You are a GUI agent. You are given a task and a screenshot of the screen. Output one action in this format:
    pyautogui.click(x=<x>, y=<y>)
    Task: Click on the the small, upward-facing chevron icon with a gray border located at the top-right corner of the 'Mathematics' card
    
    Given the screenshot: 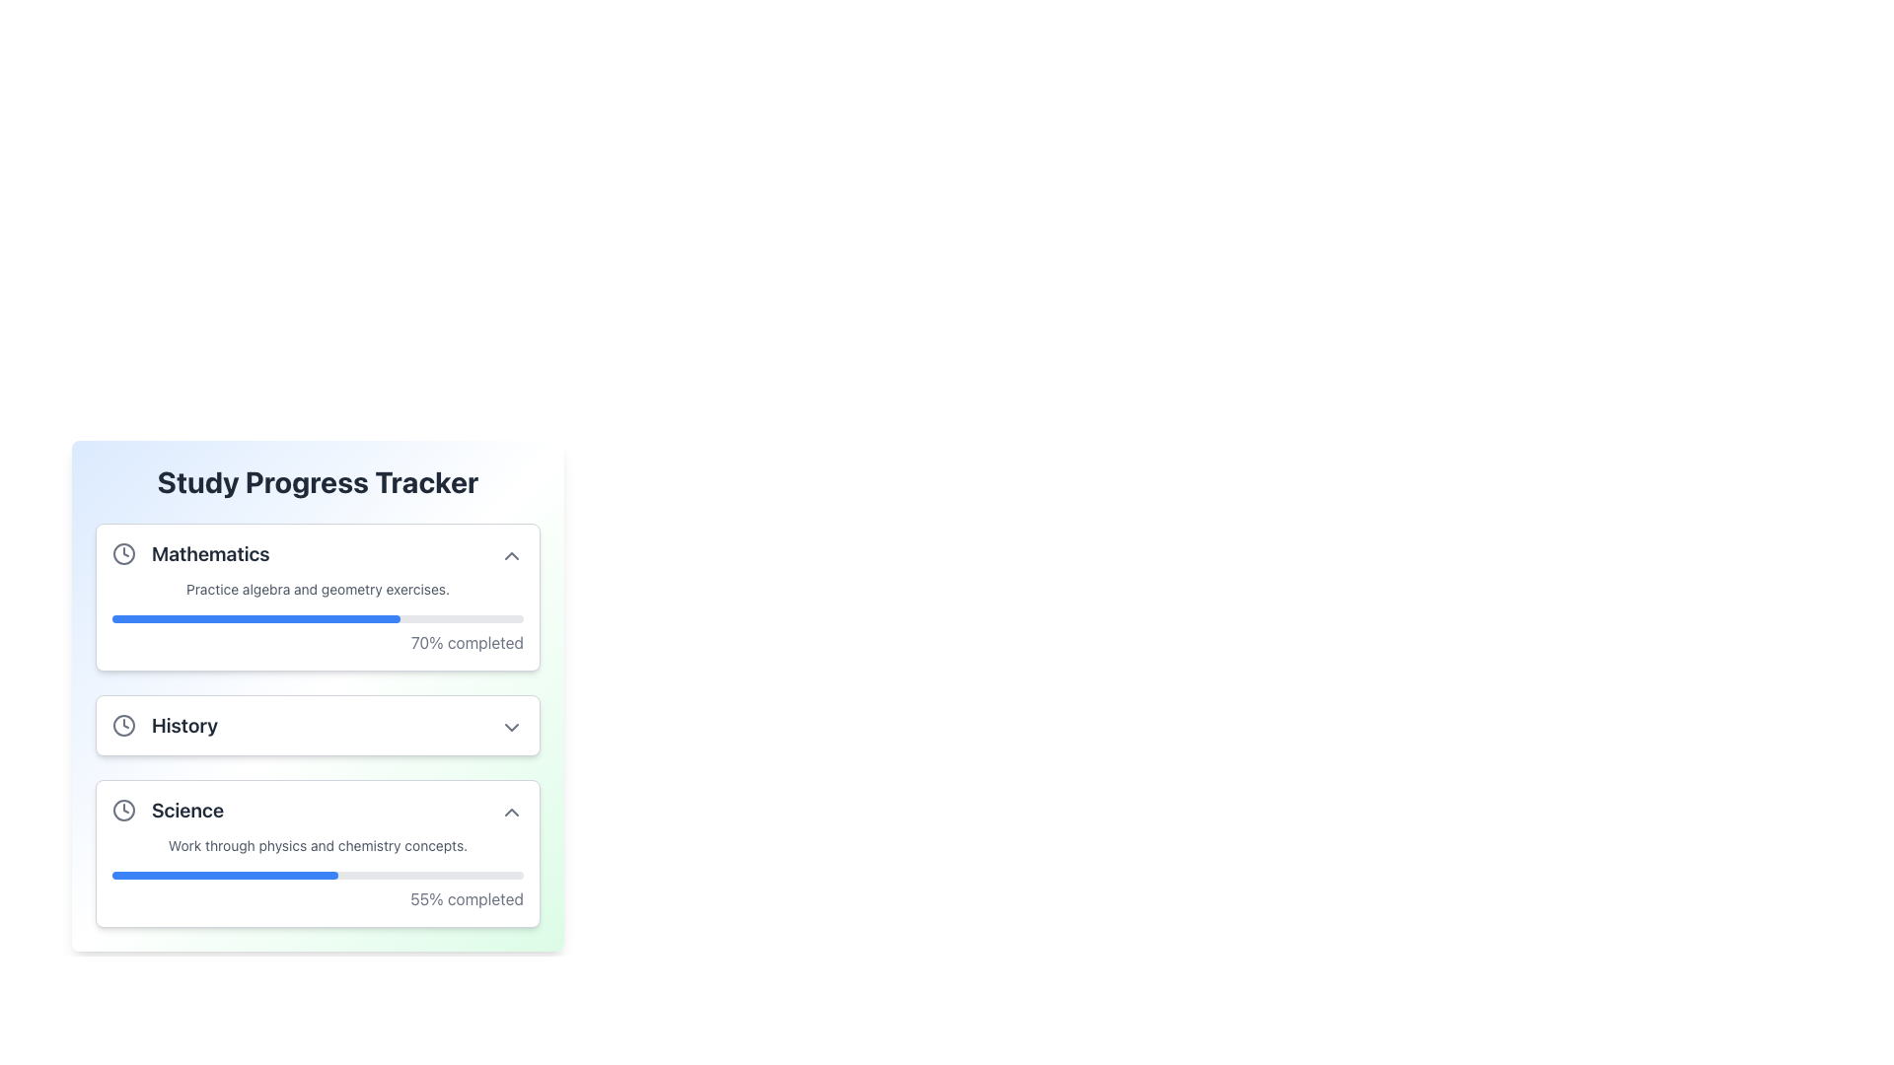 What is the action you would take?
    pyautogui.click(x=511, y=555)
    